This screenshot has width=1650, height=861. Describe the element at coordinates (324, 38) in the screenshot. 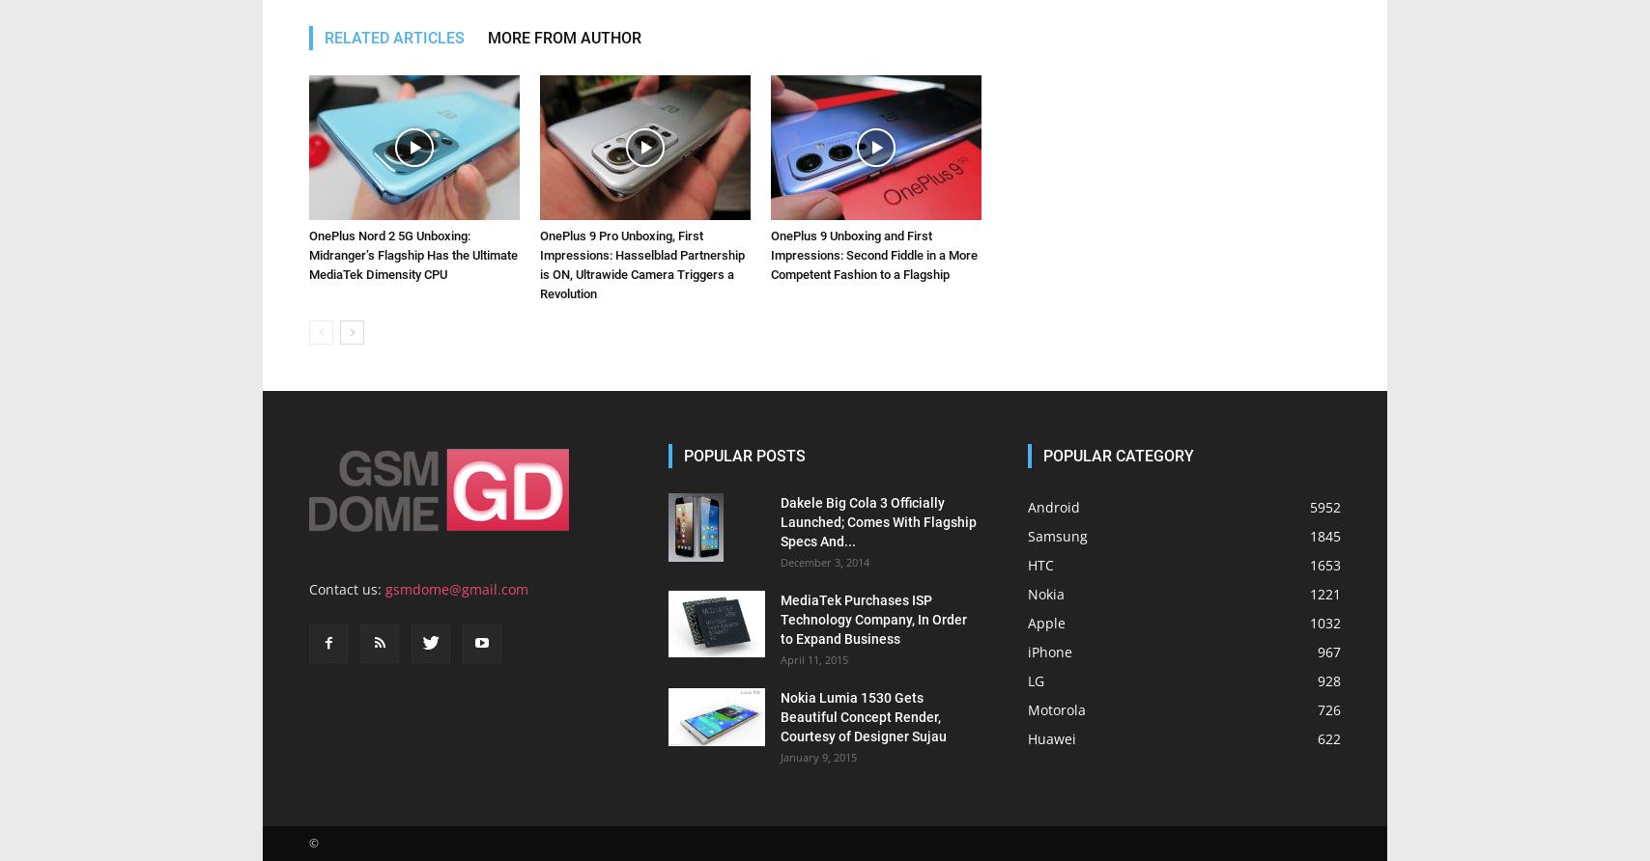

I see `'RELATED ARTICLES'` at that location.